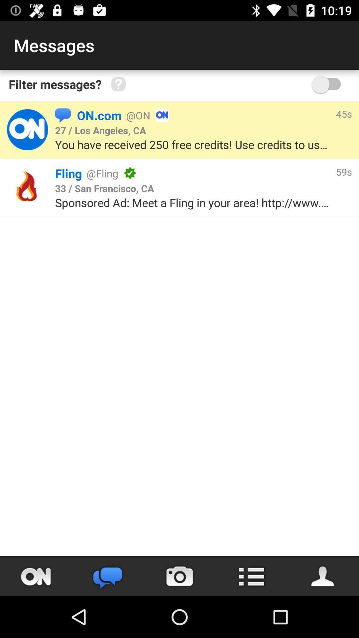 The width and height of the screenshot is (359, 638). I want to click on the item next to the on.com, so click(63, 115).